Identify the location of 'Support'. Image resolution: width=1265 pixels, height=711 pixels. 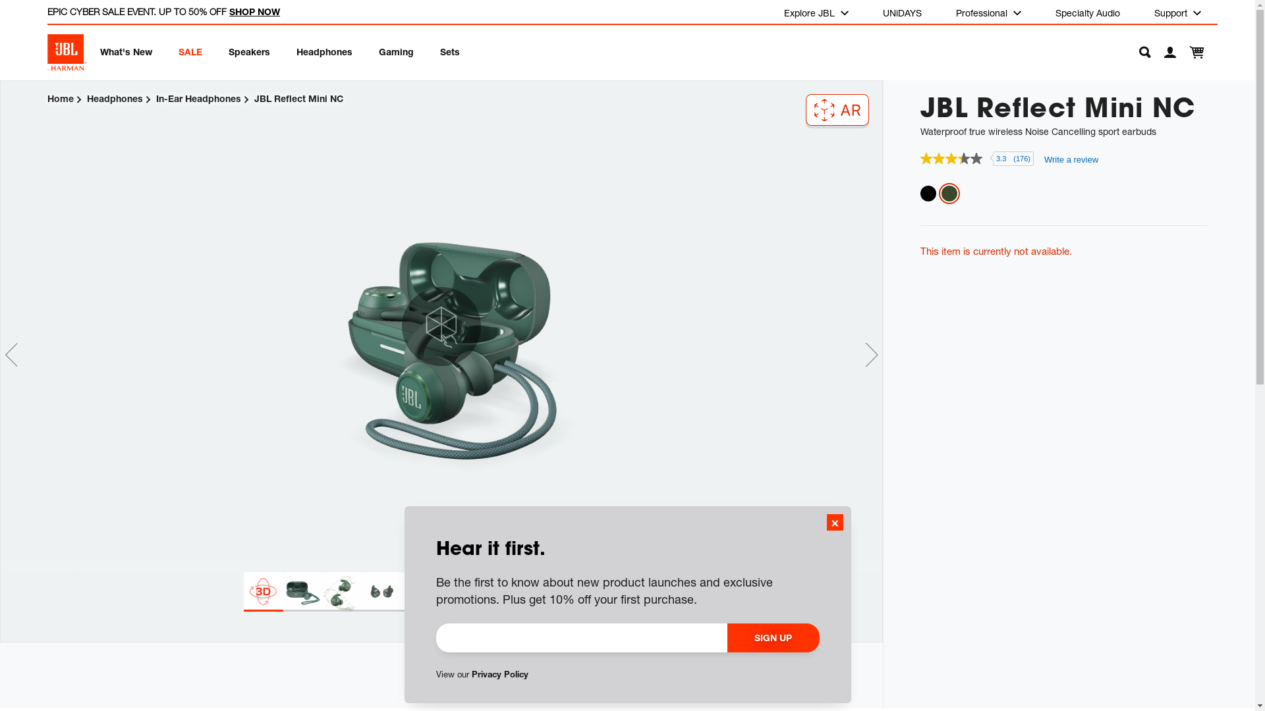
(1177, 13).